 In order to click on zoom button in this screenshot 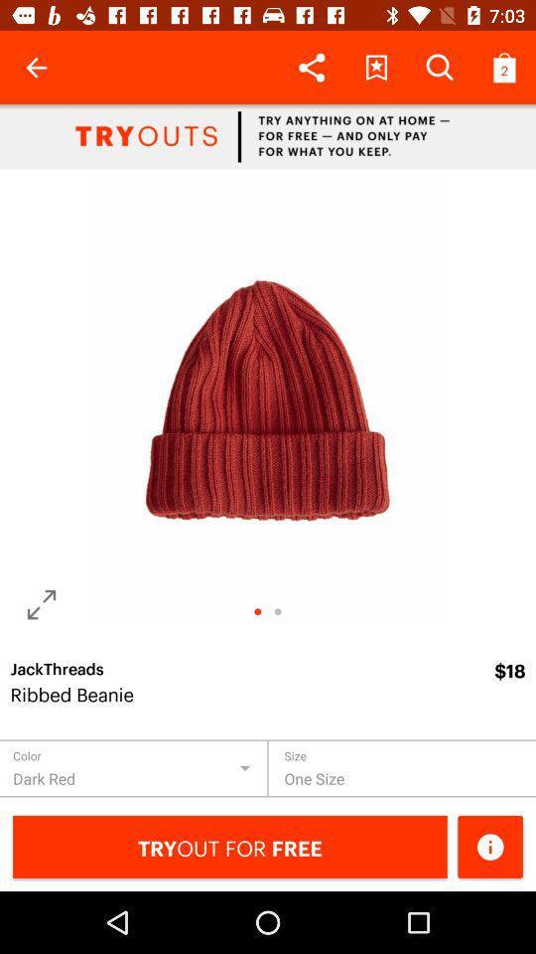, I will do `click(42, 603)`.